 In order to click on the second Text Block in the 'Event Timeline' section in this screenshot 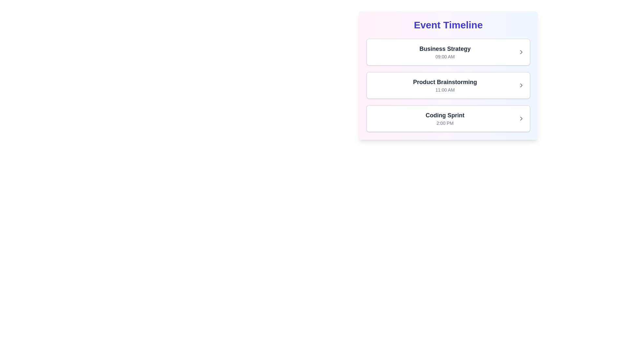, I will do `click(444, 85)`.